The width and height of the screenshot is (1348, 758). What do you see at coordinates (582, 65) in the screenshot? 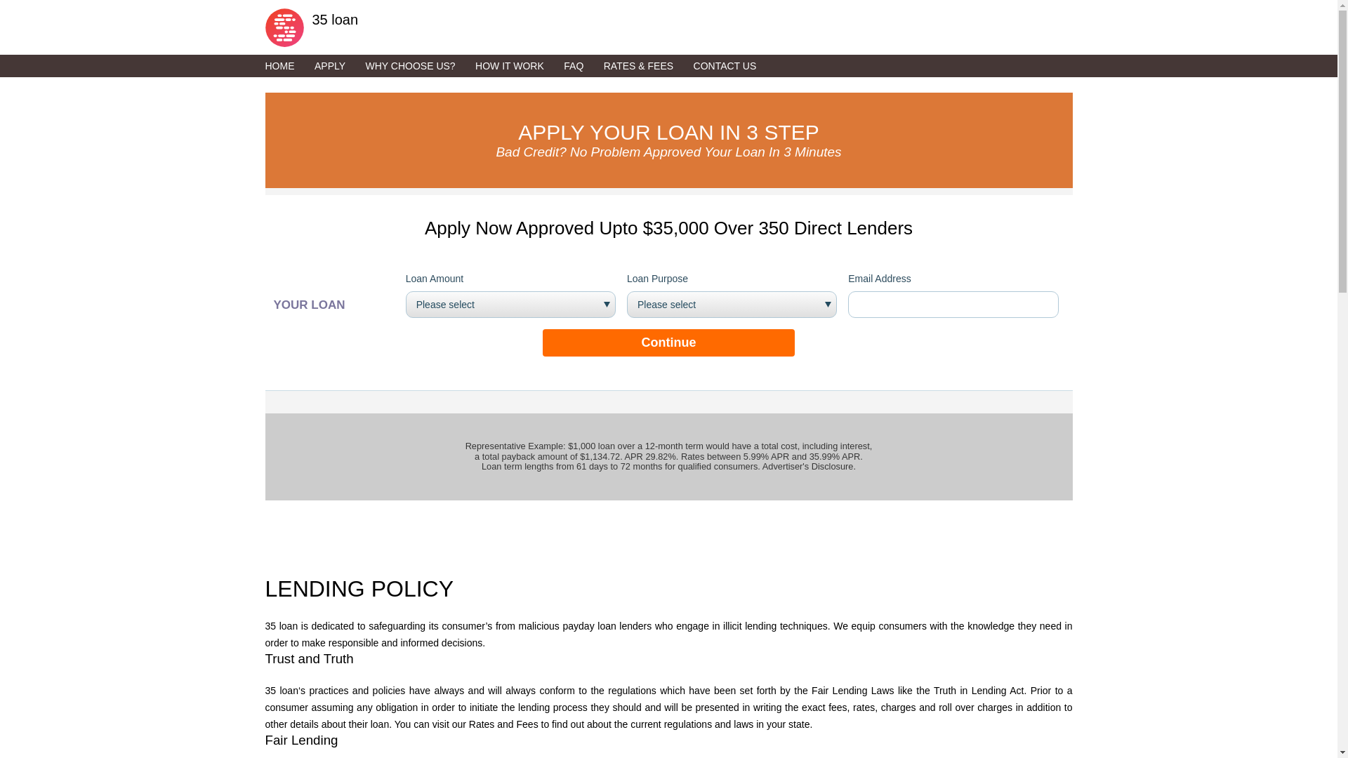
I see `'FAQ'` at bounding box center [582, 65].